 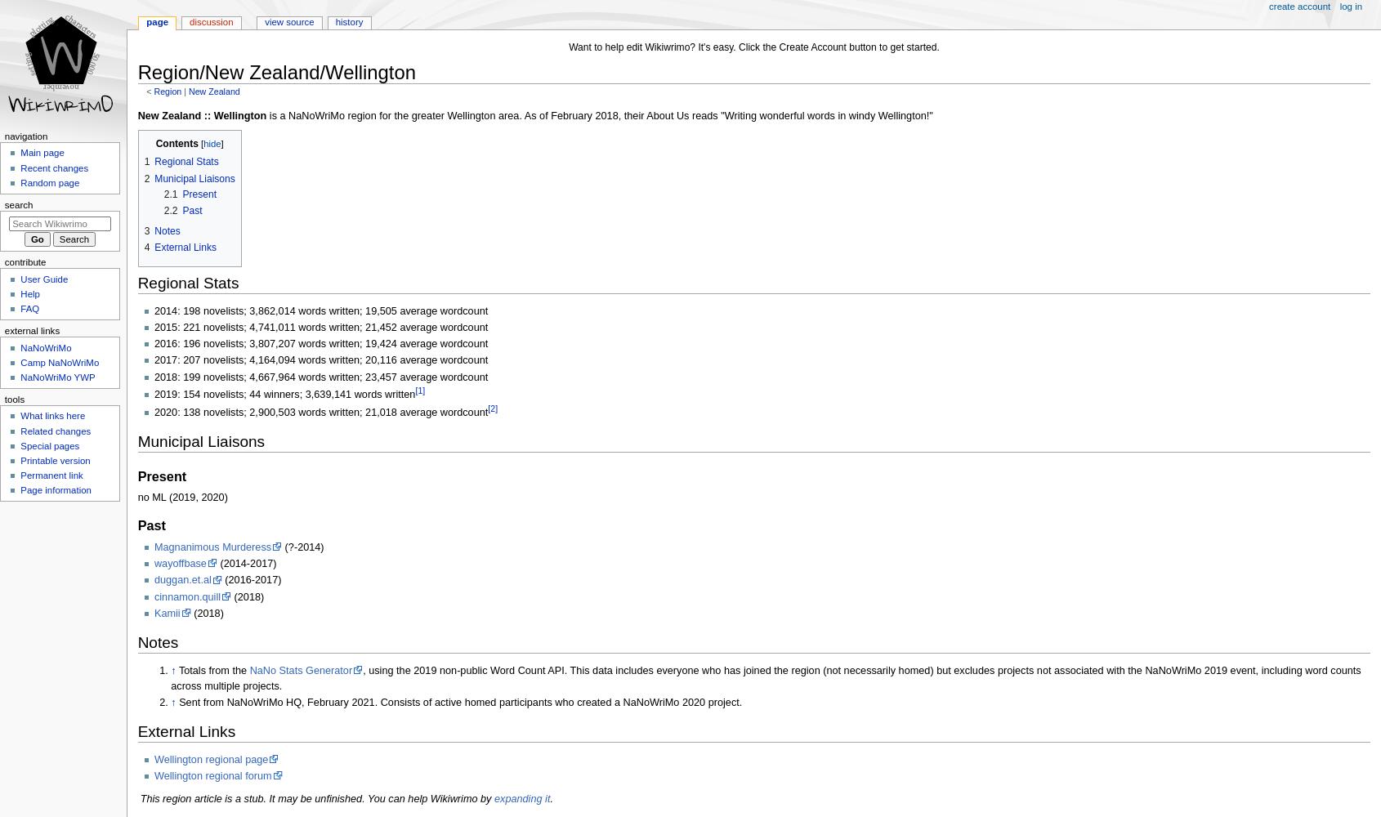 I want to click on 'FAQ', so click(x=29, y=308).